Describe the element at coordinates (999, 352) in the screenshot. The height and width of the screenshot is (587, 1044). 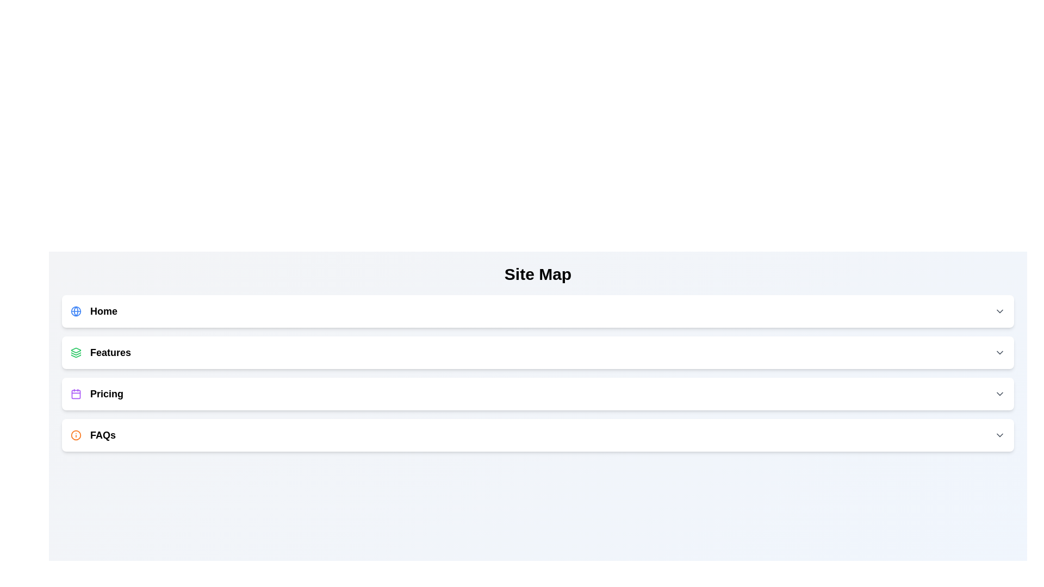
I see `the small downward arrow icon at the far right of the 'Features' row` at that location.